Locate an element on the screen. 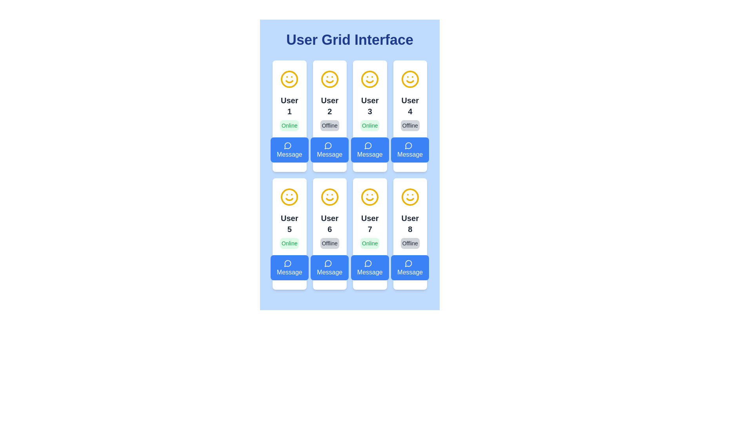 Image resolution: width=753 pixels, height=424 pixels. the 'Offline' text label displayed in a small gray font within the sixth user card, located below 'User 6' and above the 'Message' button is located at coordinates (329, 243).